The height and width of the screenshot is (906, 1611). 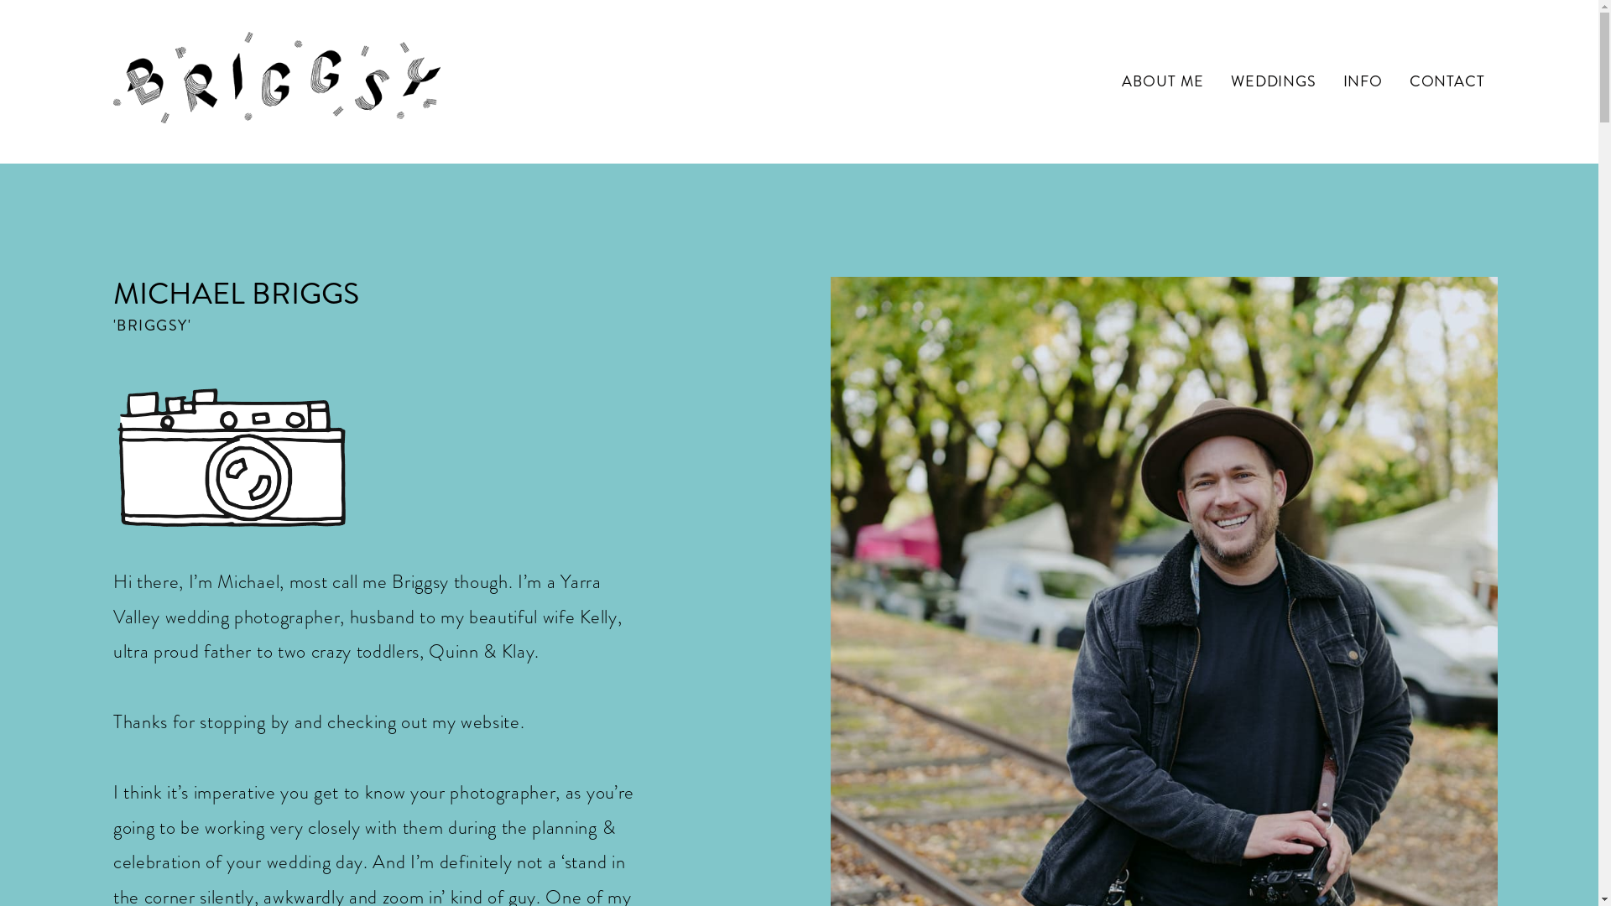 What do you see at coordinates (1162, 81) in the screenshot?
I see `'ABOUT ME'` at bounding box center [1162, 81].